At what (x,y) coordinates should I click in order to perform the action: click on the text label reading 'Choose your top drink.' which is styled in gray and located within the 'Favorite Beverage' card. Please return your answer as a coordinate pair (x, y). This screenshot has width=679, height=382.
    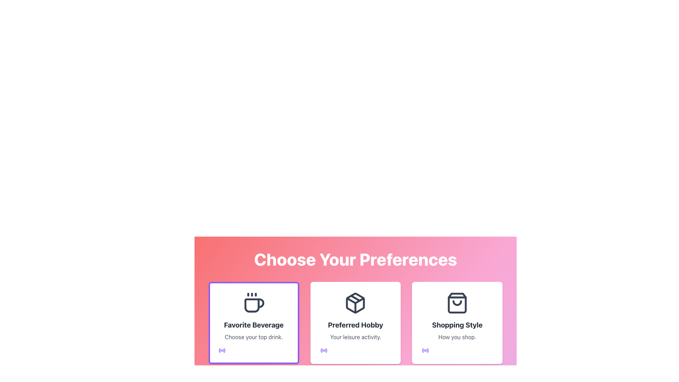
    Looking at the image, I should click on (254, 336).